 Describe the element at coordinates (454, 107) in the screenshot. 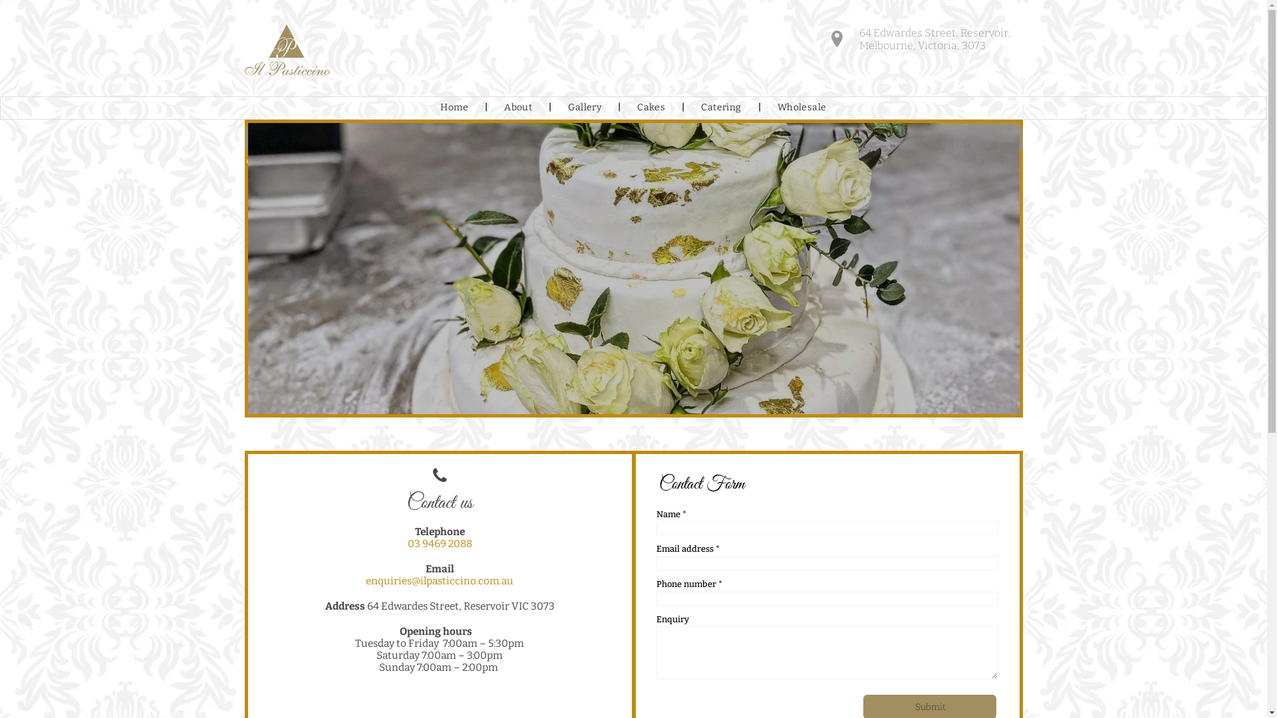

I see `'Home'` at that location.